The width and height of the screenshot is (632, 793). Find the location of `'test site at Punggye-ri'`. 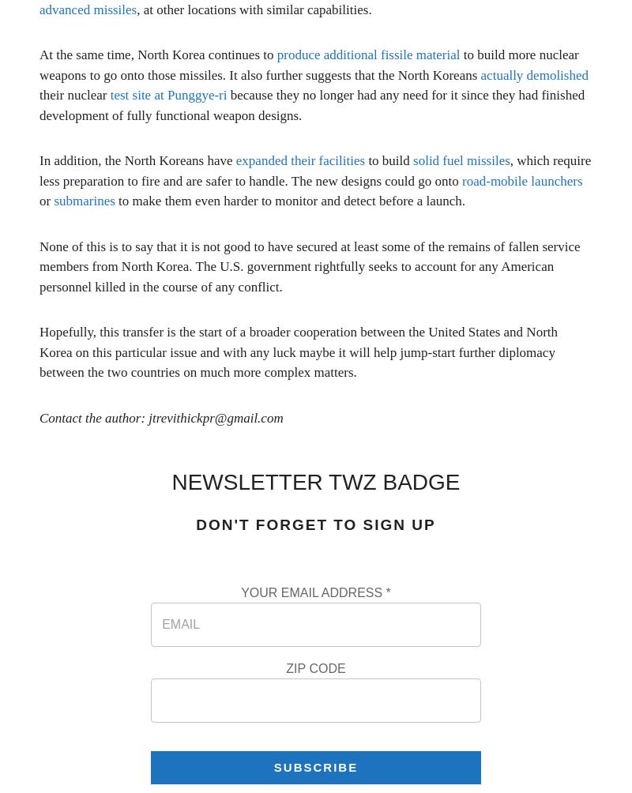

'test site at Punggye-ri' is located at coordinates (167, 95).